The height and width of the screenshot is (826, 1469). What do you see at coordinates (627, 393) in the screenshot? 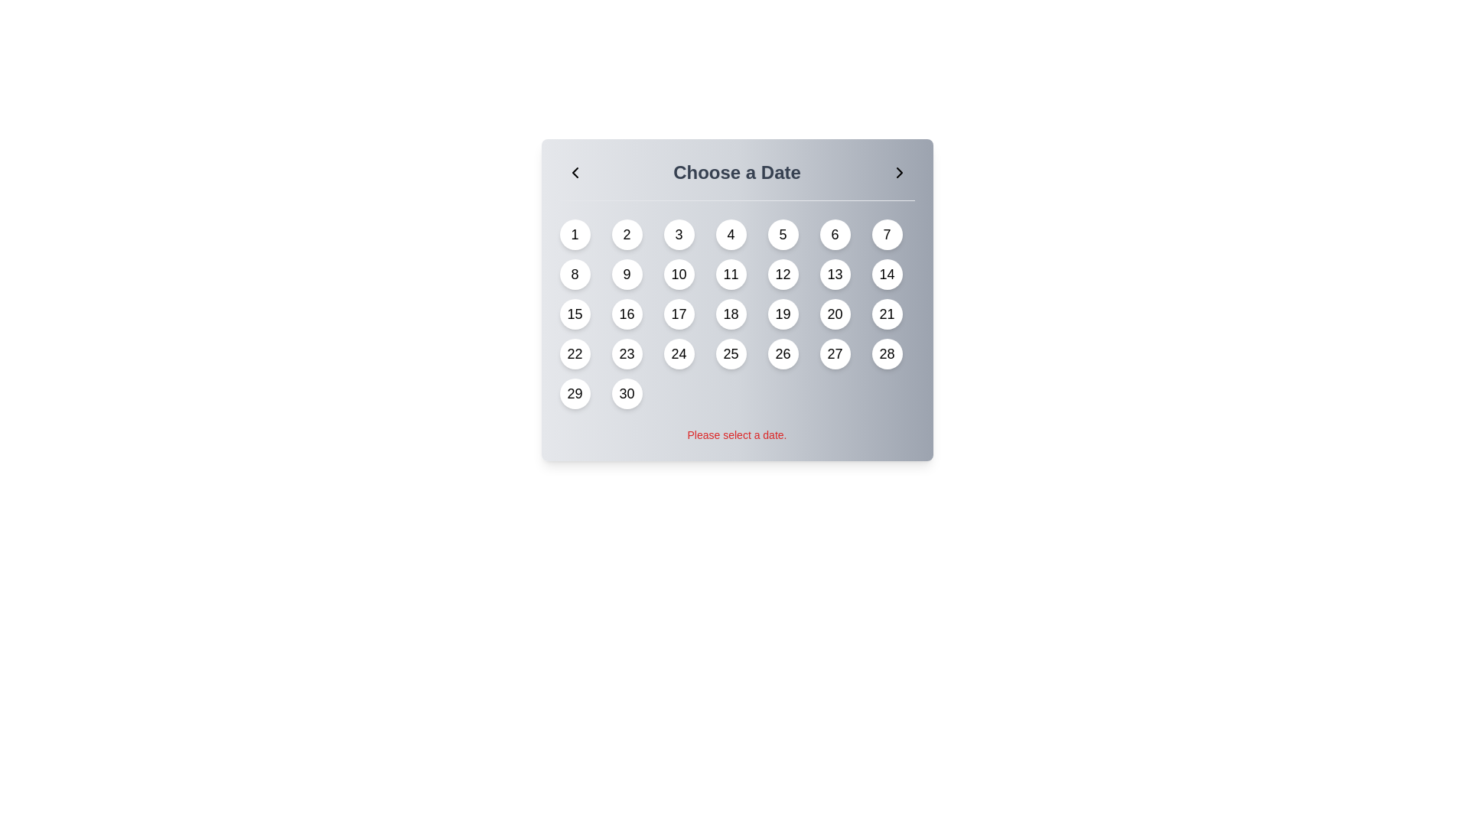
I see `the circular button with a white background and black text '30' in the date picker interface located in the fifth row and second column of the grid` at bounding box center [627, 393].